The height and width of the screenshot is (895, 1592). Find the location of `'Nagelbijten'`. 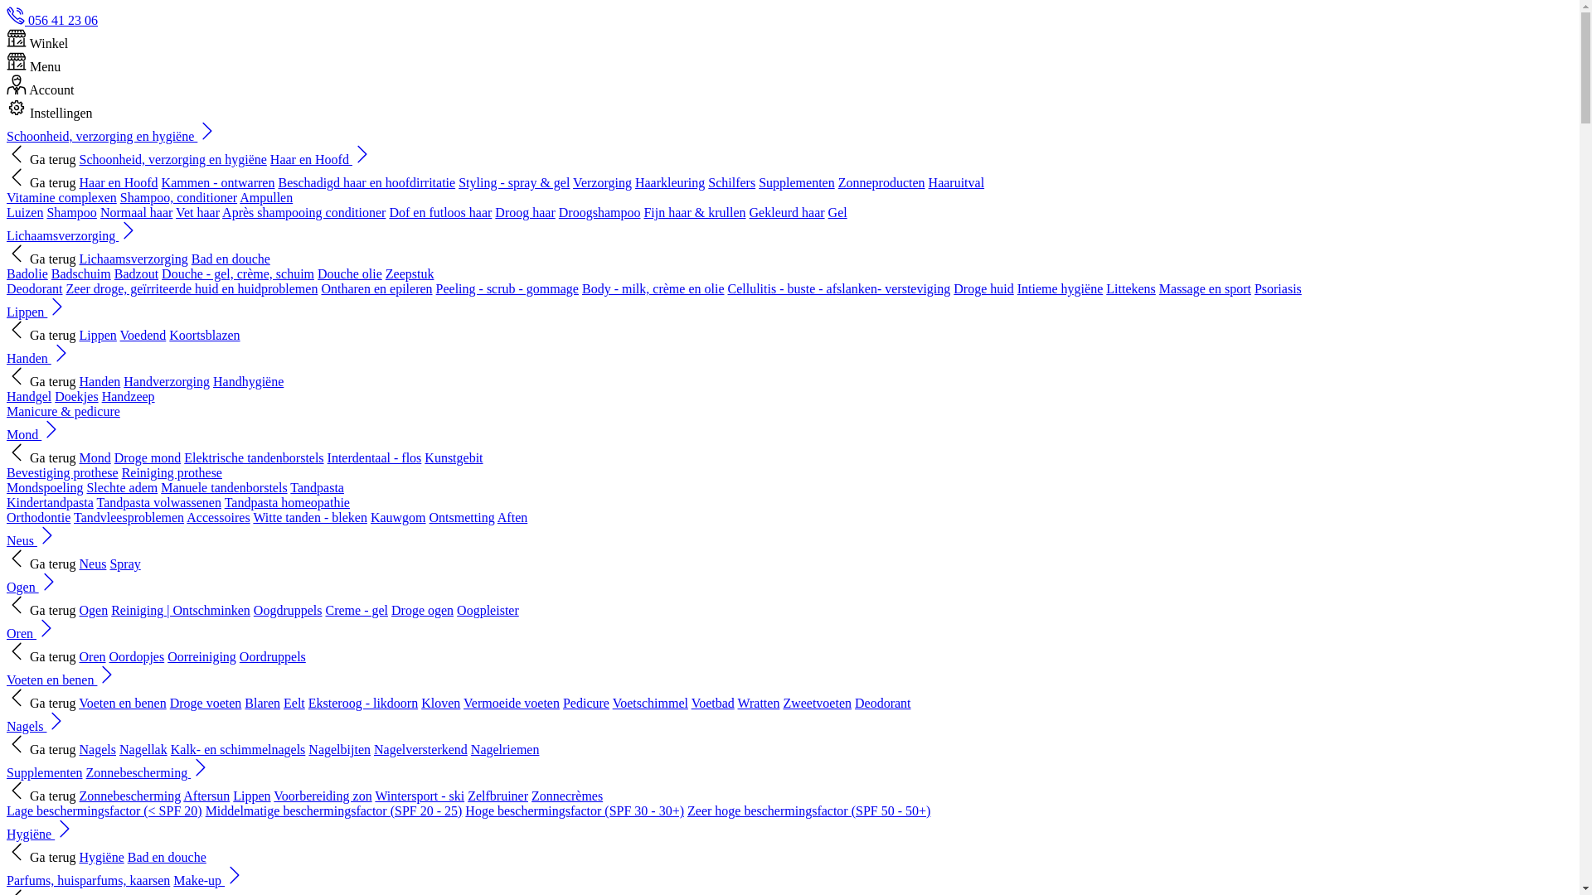

'Nagelbijten' is located at coordinates (308, 749).